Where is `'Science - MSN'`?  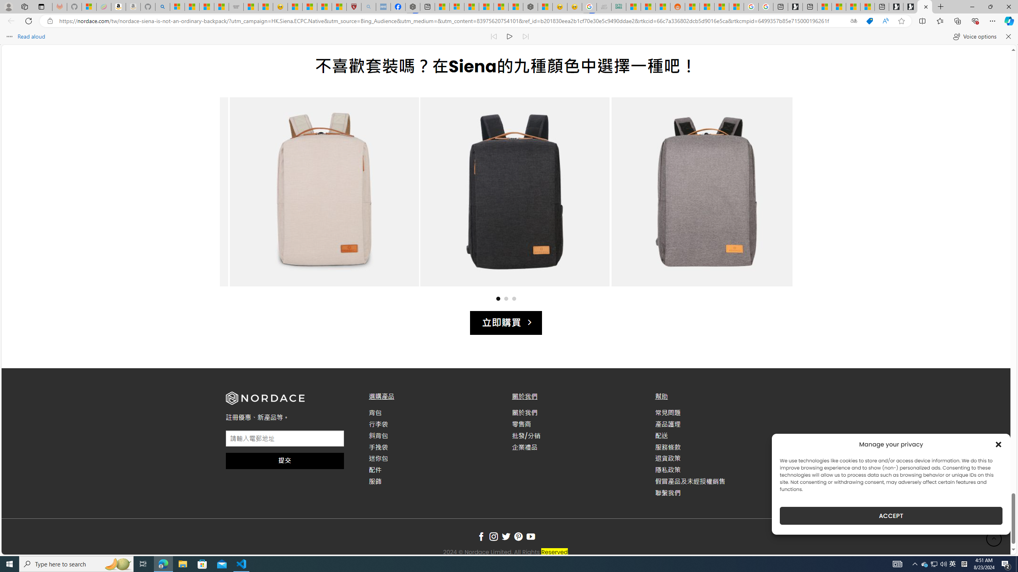 'Science - MSN' is located at coordinates (324, 6).